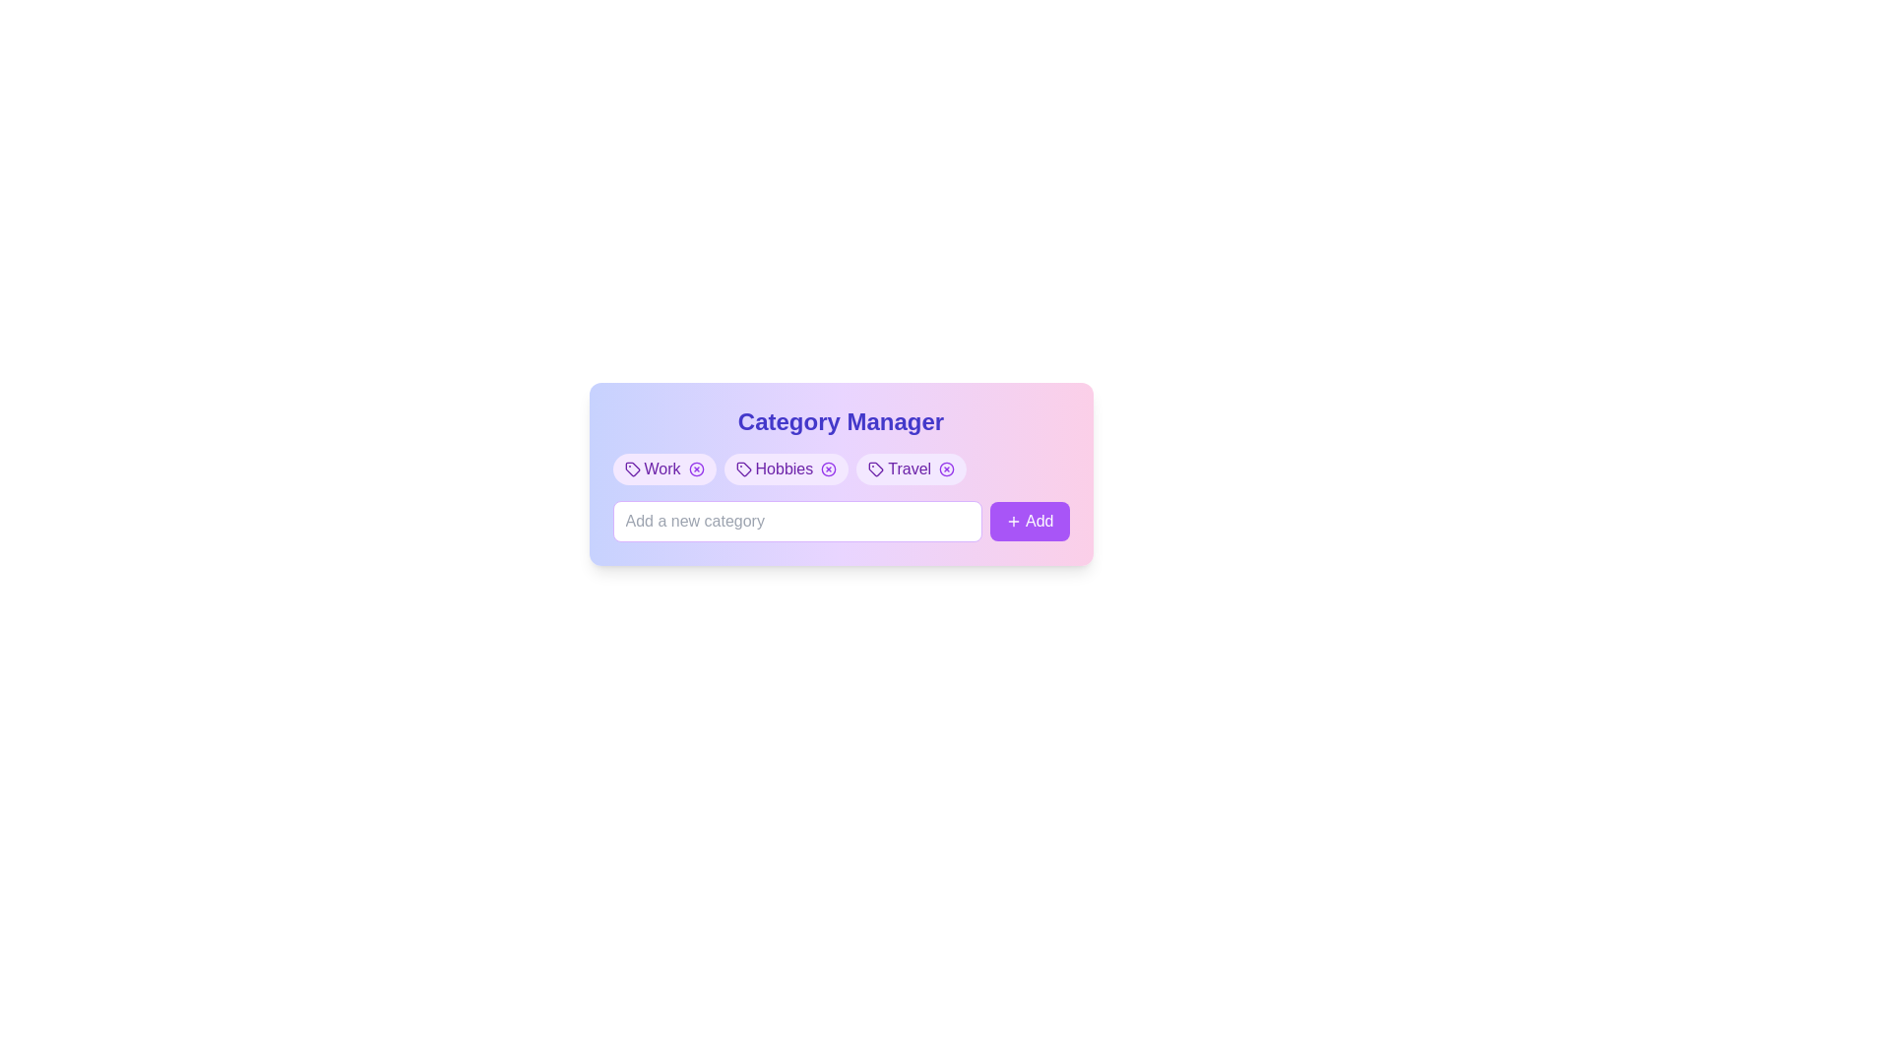 The image size is (1890, 1063). I want to click on the rounded rectangular button with a purple background and white text labeled 'Add', so click(1029, 520).